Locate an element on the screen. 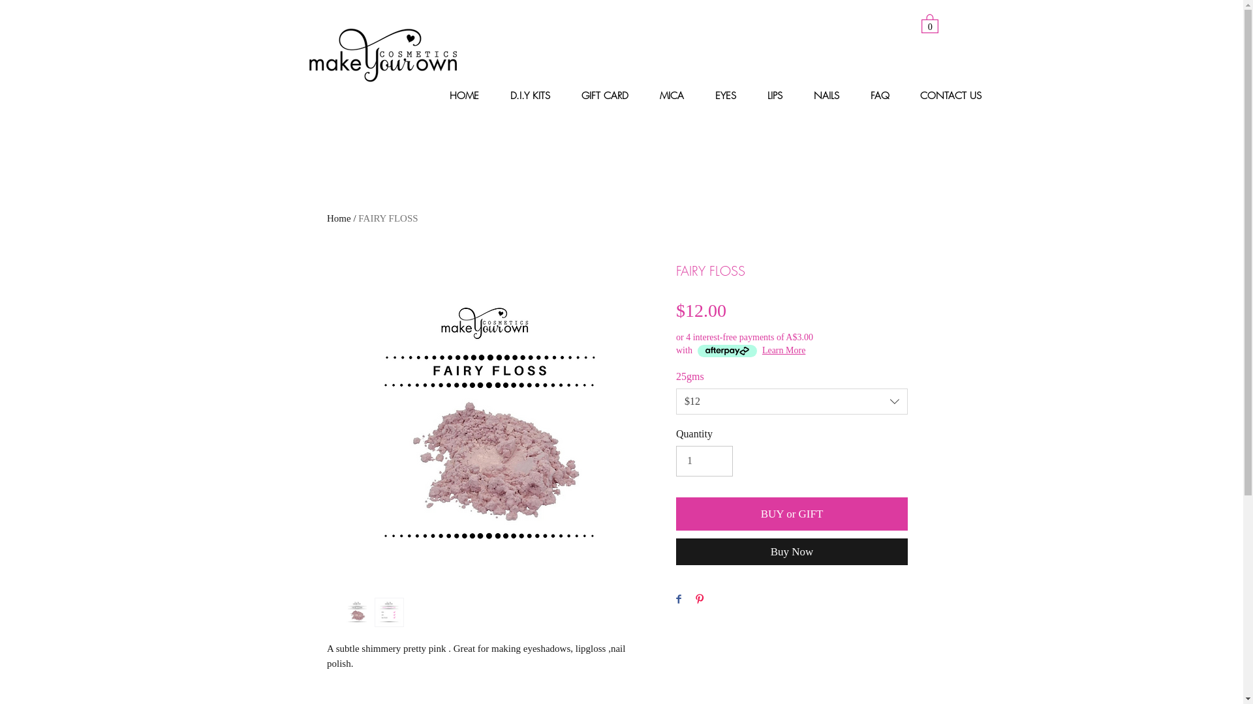  'BUY or GIFT' is located at coordinates (676, 514).